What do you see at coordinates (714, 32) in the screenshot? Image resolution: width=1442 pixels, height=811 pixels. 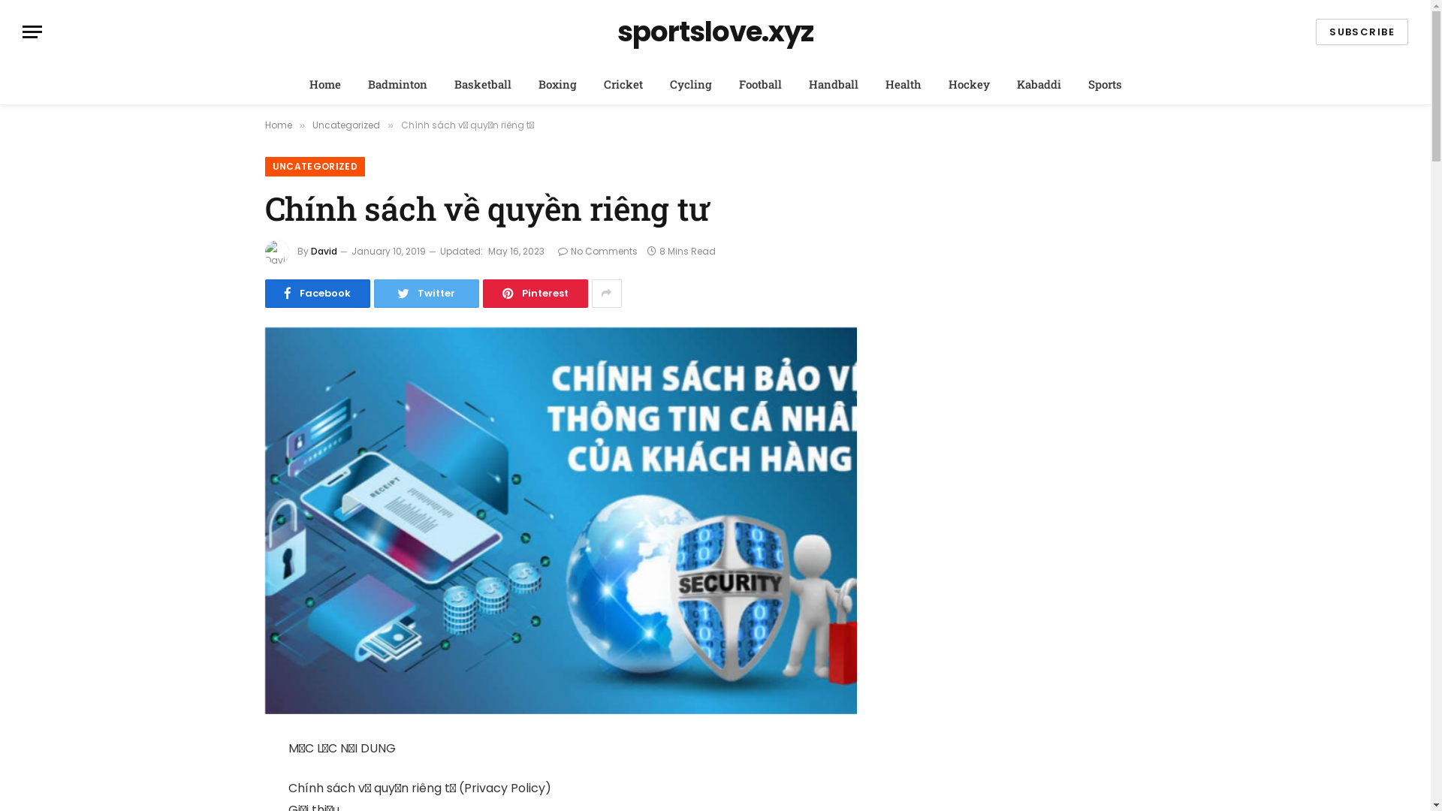 I see `'sportslove.xyz'` at bounding box center [714, 32].